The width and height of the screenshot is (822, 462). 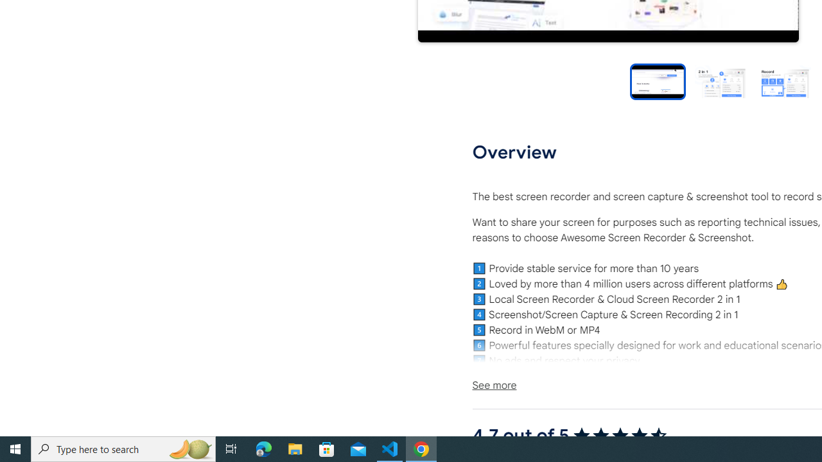 What do you see at coordinates (721, 81) in the screenshot?
I see `'Preview slide 2'` at bounding box center [721, 81].